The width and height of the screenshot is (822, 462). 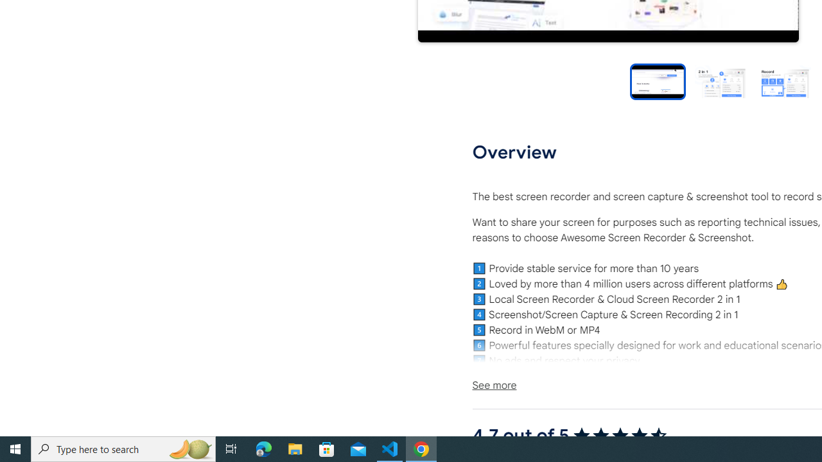 What do you see at coordinates (721, 81) in the screenshot?
I see `'Preview slide 2'` at bounding box center [721, 81].